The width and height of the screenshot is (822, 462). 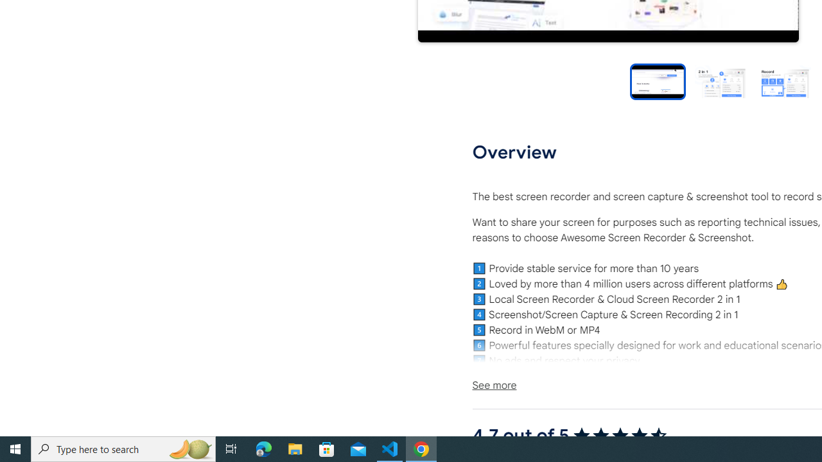 What do you see at coordinates (721, 81) in the screenshot?
I see `'Preview slide 2'` at bounding box center [721, 81].